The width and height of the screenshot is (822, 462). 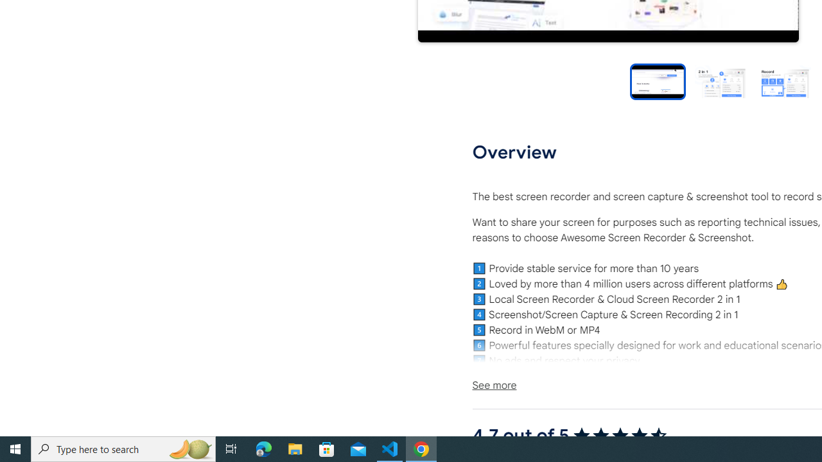 What do you see at coordinates (721, 81) in the screenshot?
I see `'Preview slide 2'` at bounding box center [721, 81].